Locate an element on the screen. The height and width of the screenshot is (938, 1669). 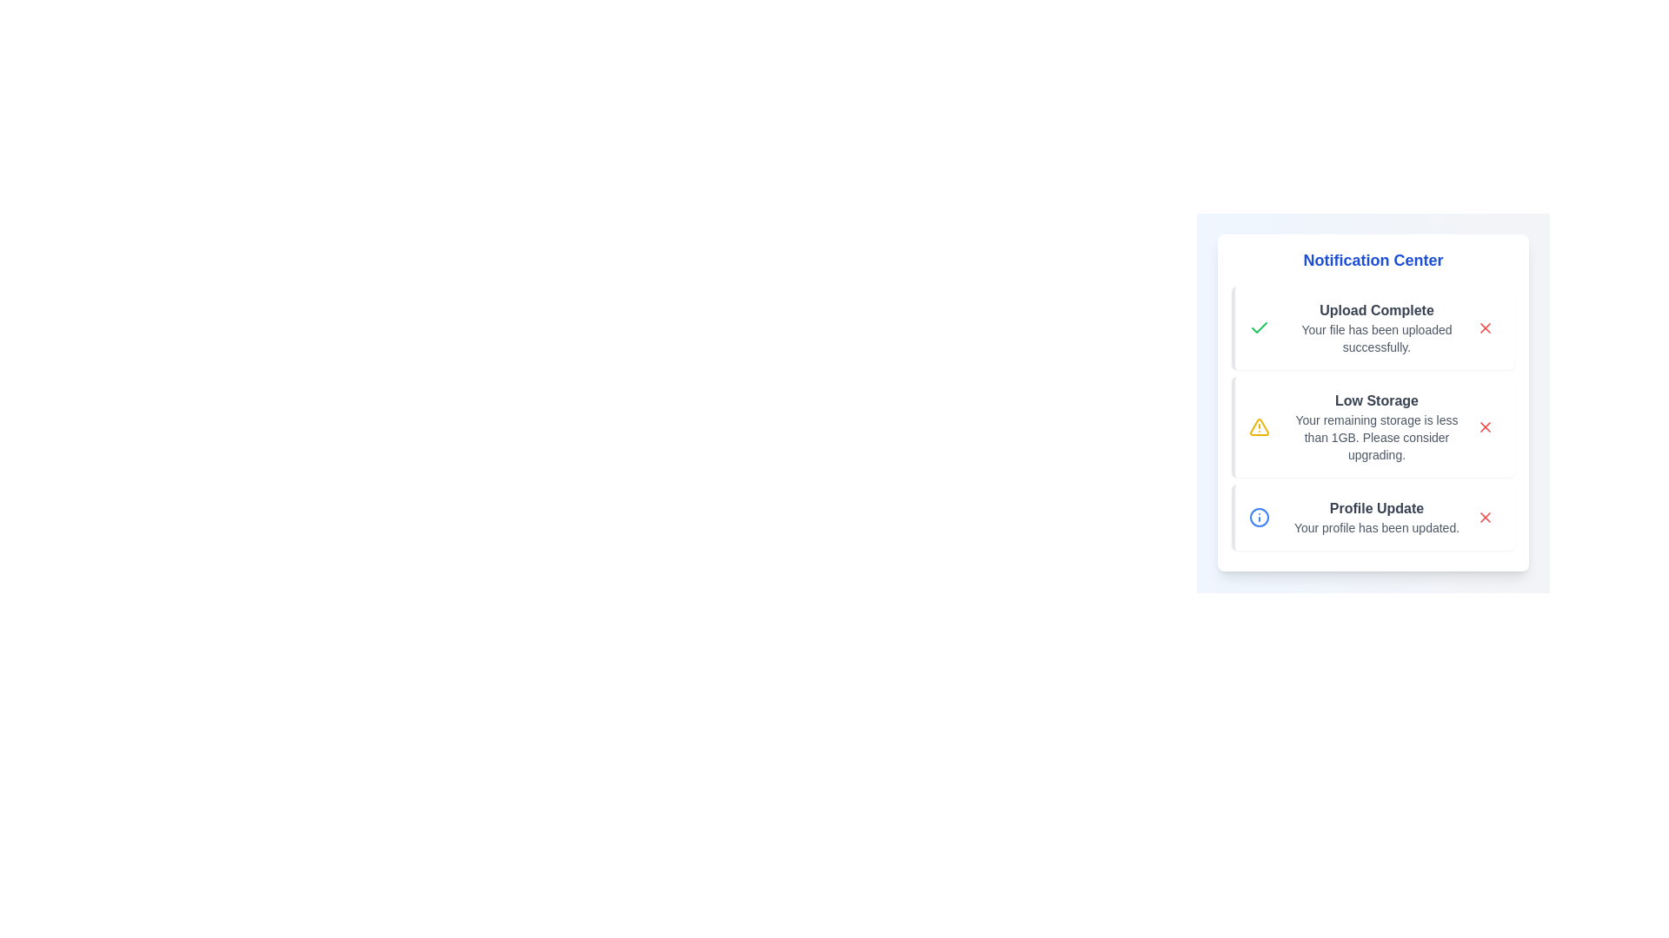
the informational icon representing the Profile Update notification located to the left of the 'Profile Update' text in the third notification block is located at coordinates (1260, 517).